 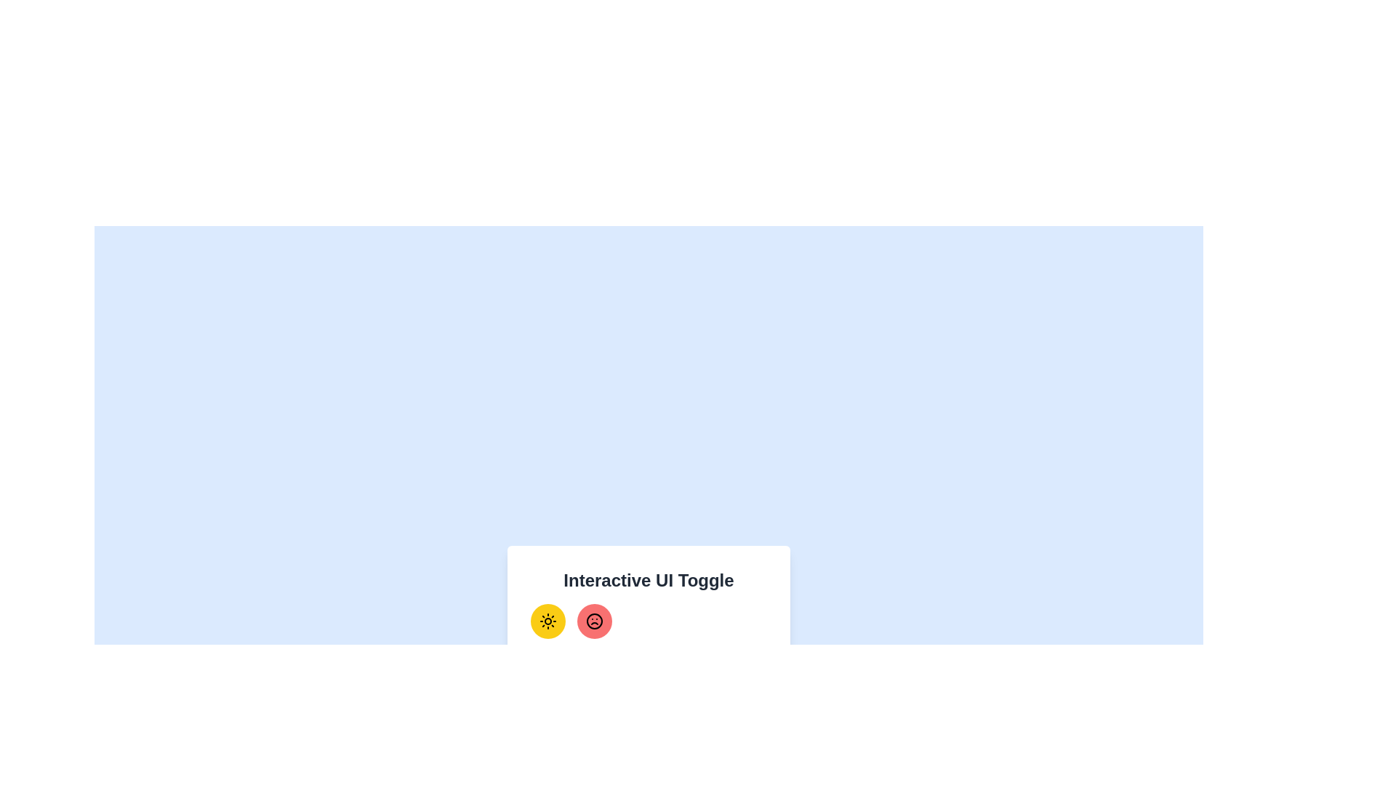 What do you see at coordinates (547, 621) in the screenshot?
I see `the theme toggle button to switch between light and dark modes` at bounding box center [547, 621].